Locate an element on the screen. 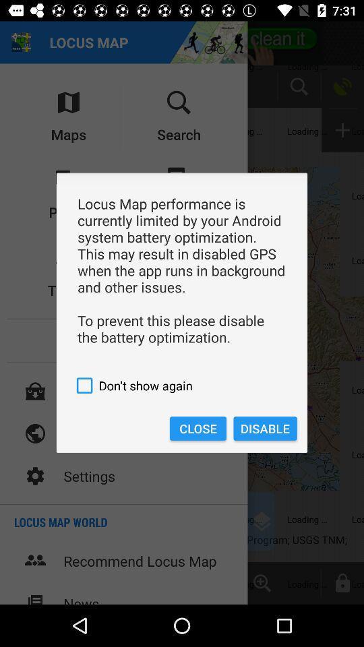 Image resolution: width=364 pixels, height=647 pixels. item next to the disable icon is located at coordinates (197, 428).